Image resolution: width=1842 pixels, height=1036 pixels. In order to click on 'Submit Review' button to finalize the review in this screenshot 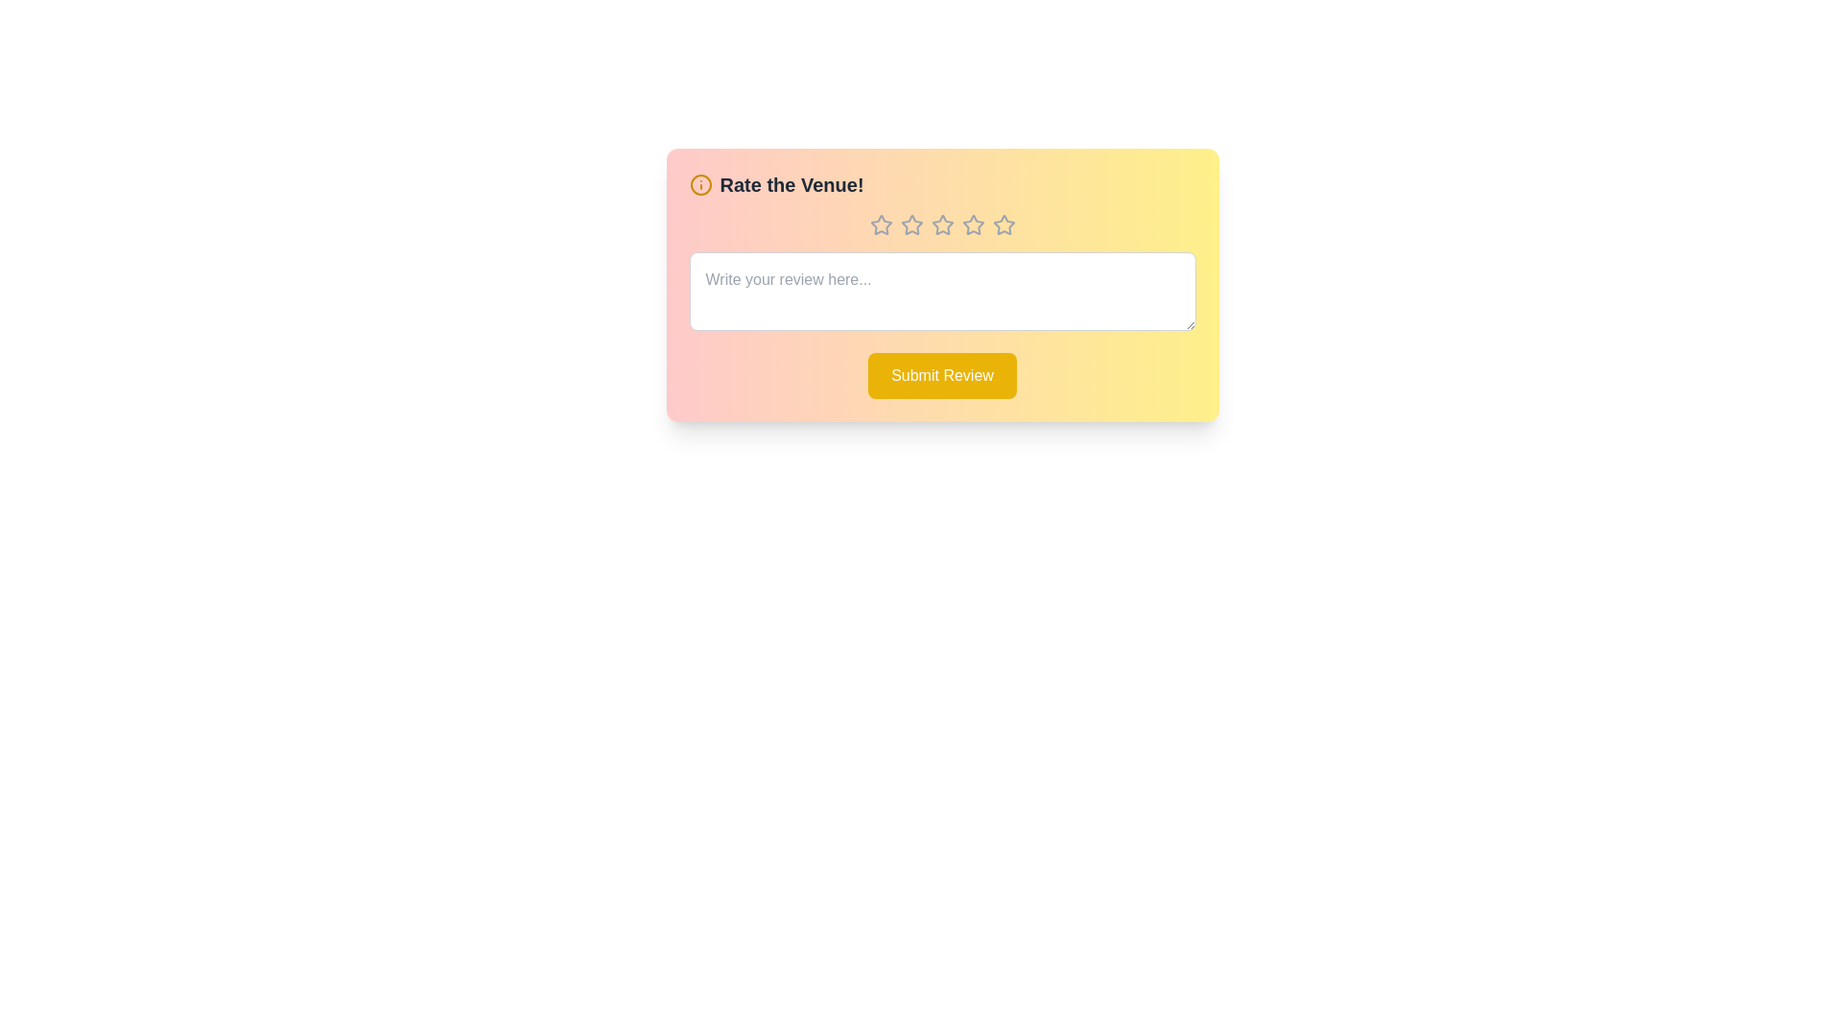, I will do `click(942, 376)`.